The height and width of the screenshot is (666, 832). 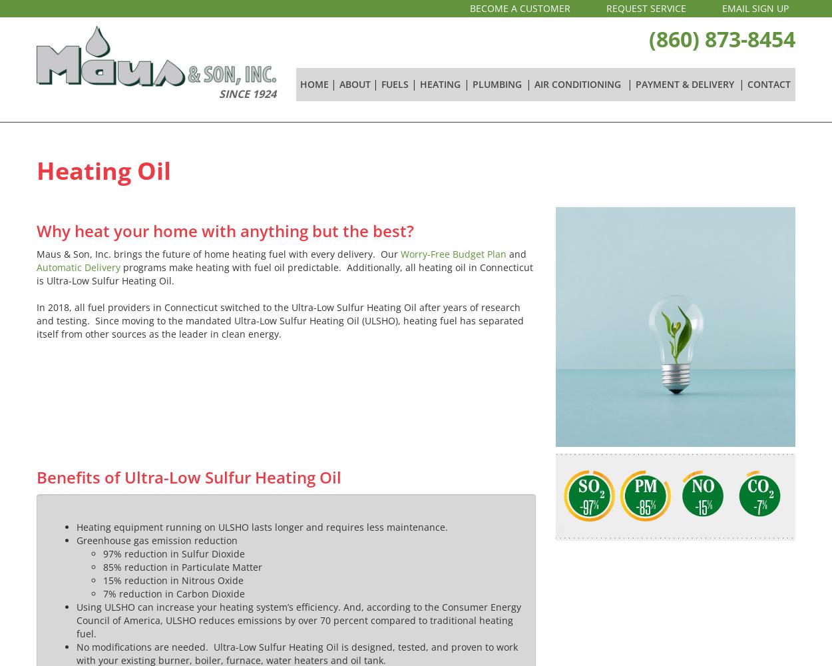 I want to click on 'EMAIL SIGN UP', so click(x=722, y=8).